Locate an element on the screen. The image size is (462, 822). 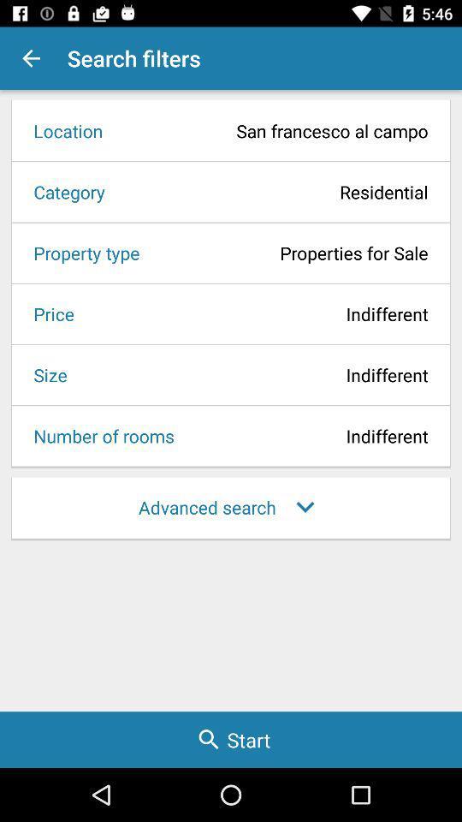
the advanced search item is located at coordinates (231, 507).